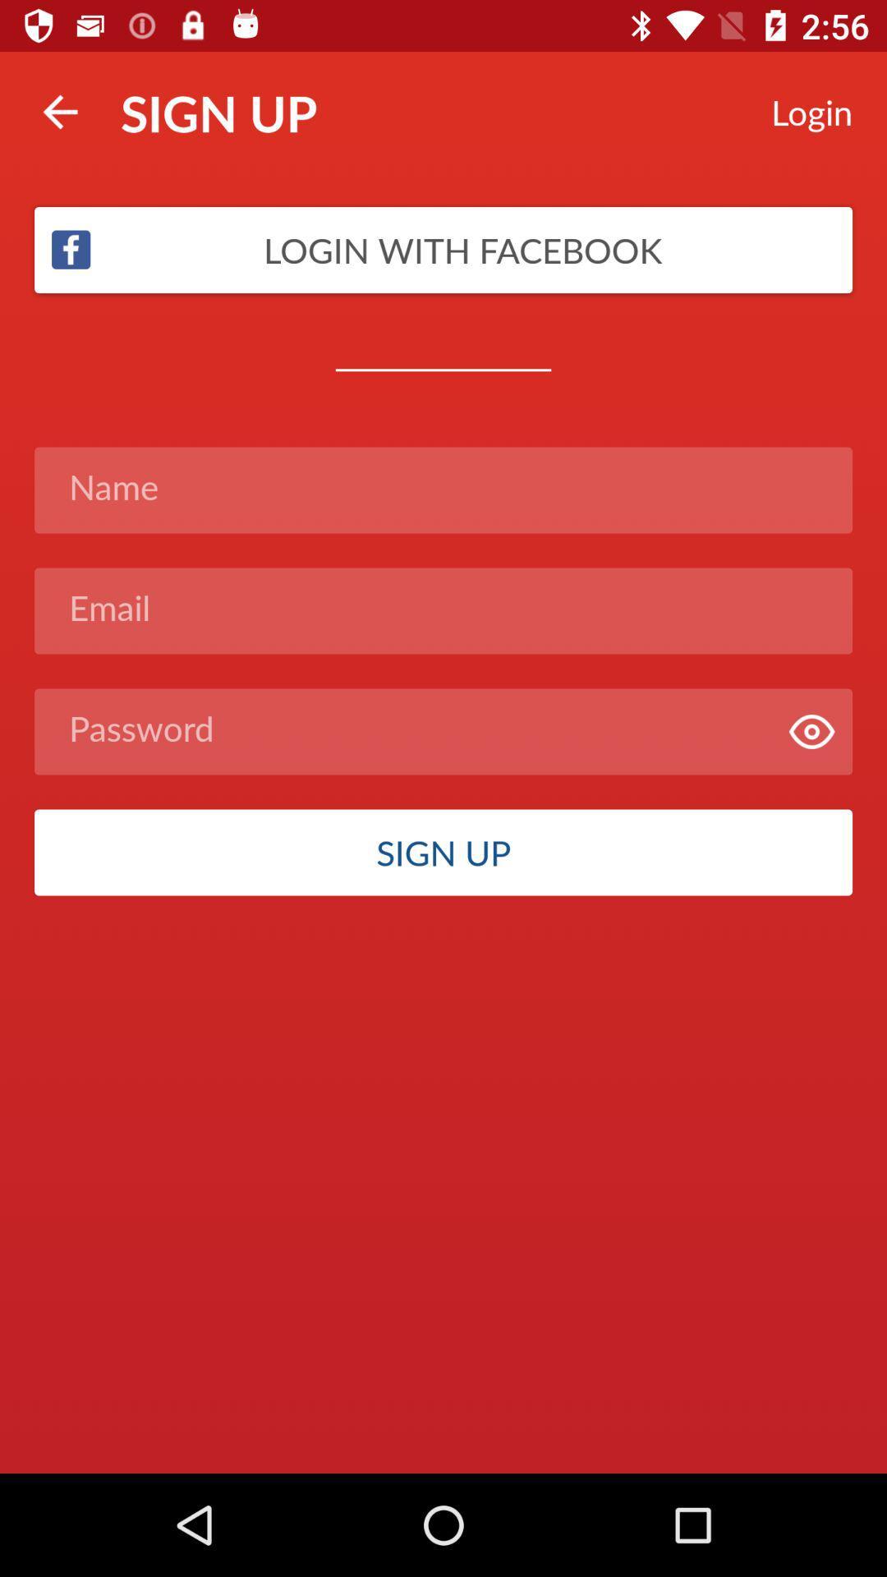 The width and height of the screenshot is (887, 1577). I want to click on the icon to the left of sign up item, so click(59, 111).